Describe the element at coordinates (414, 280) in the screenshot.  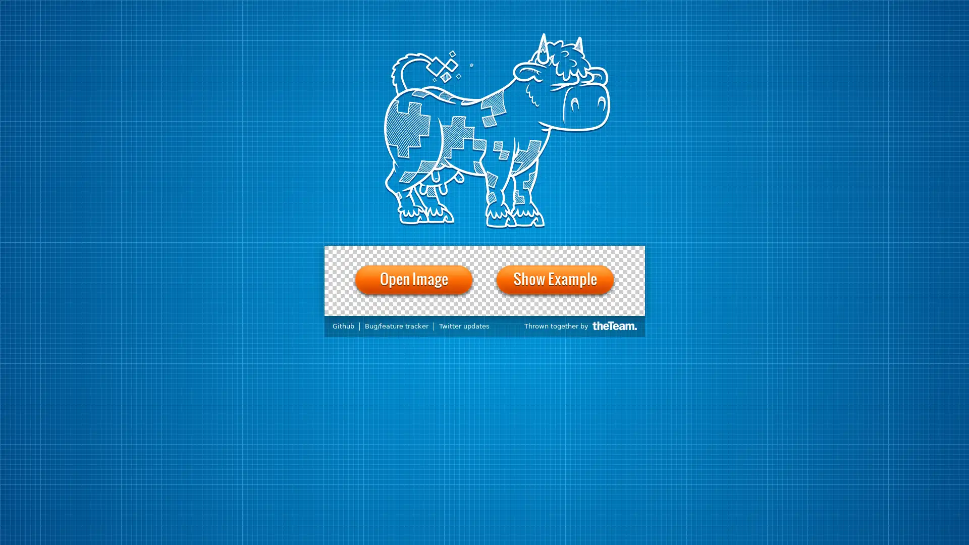
I see `Open Image` at that location.